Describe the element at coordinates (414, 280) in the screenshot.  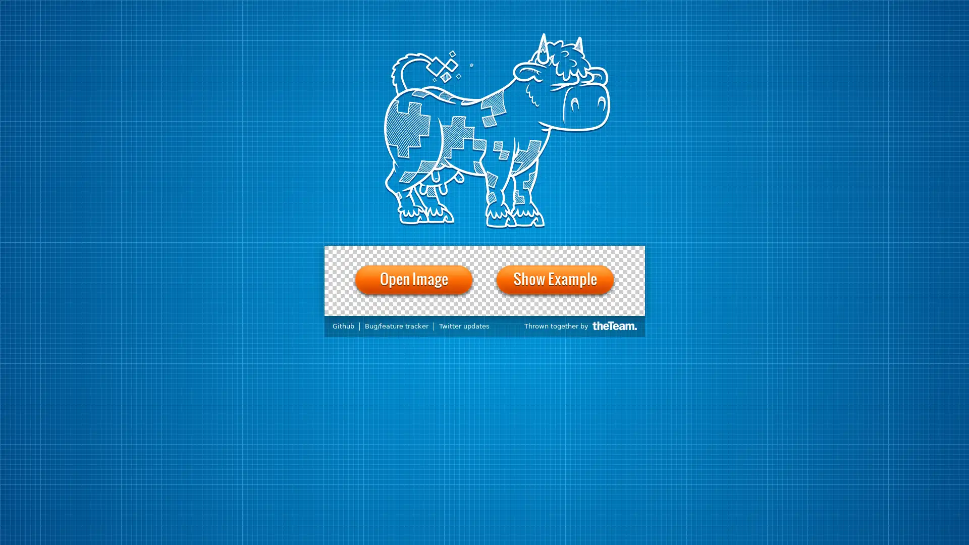
I see `Open Image` at that location.